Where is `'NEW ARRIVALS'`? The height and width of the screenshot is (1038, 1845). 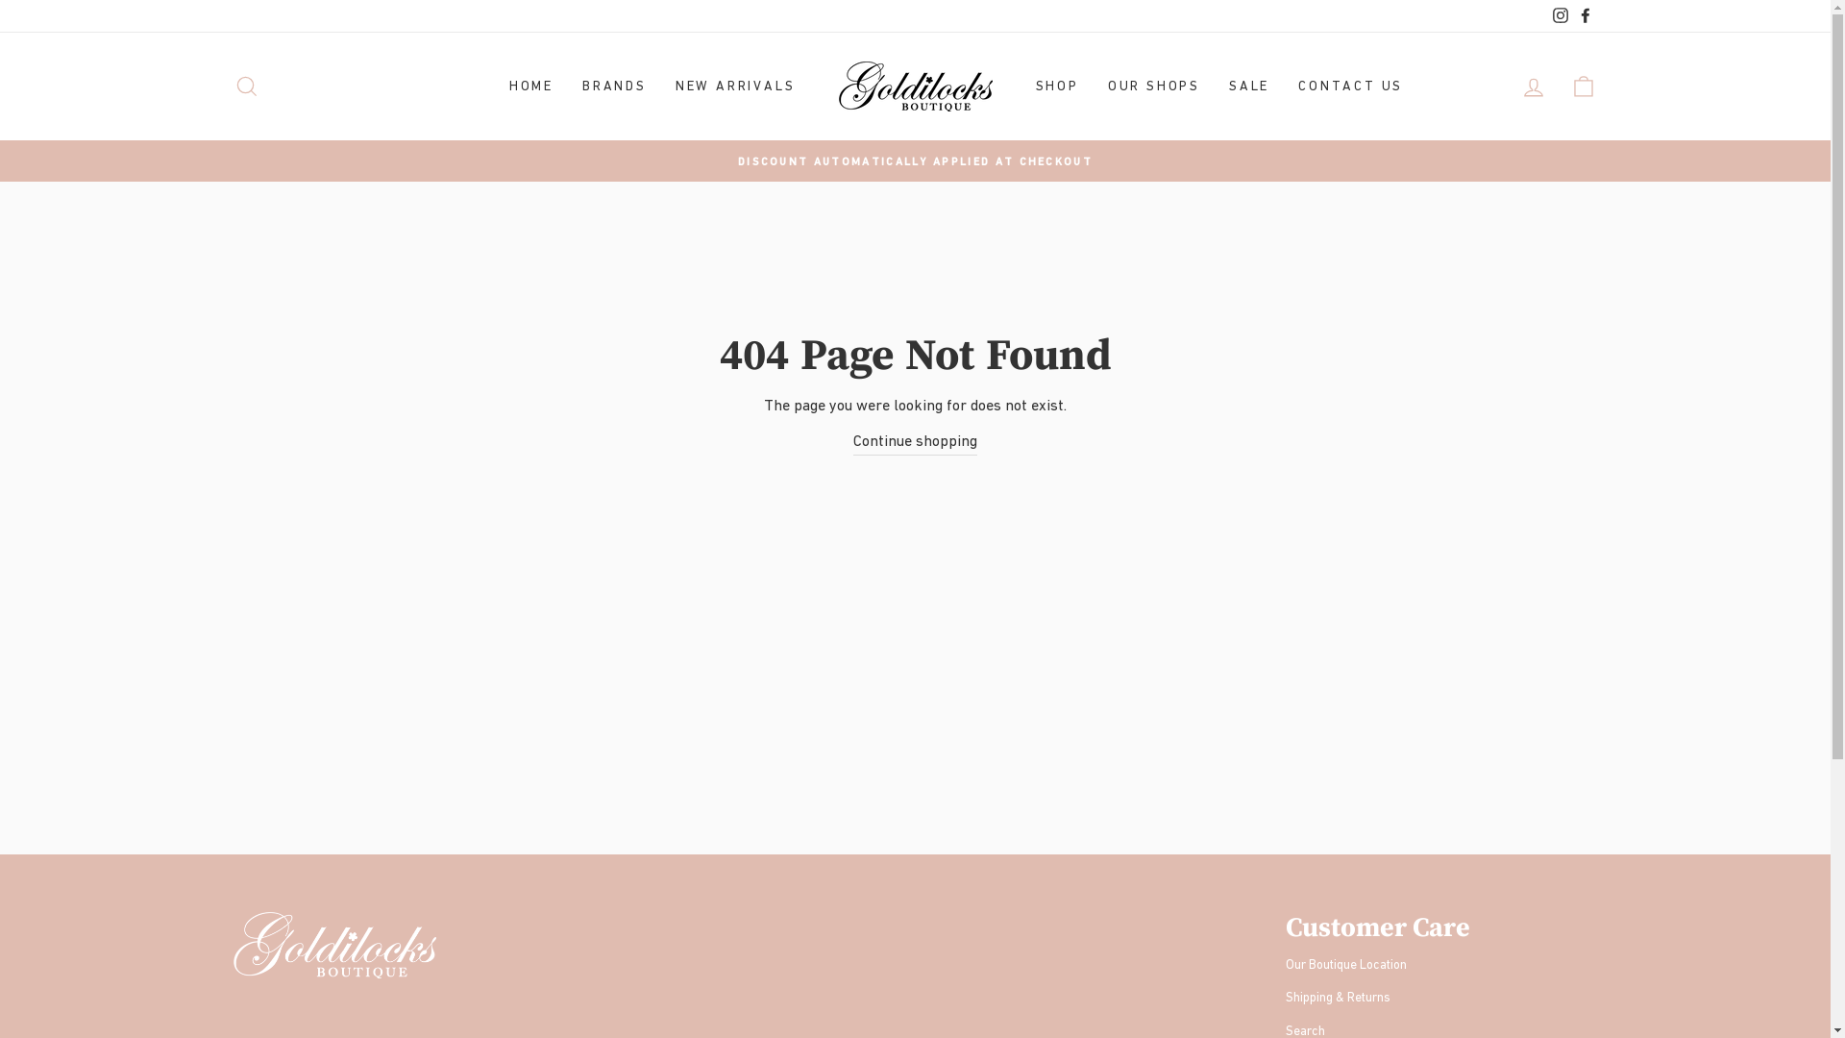 'NEW ARRIVALS' is located at coordinates (734, 86).